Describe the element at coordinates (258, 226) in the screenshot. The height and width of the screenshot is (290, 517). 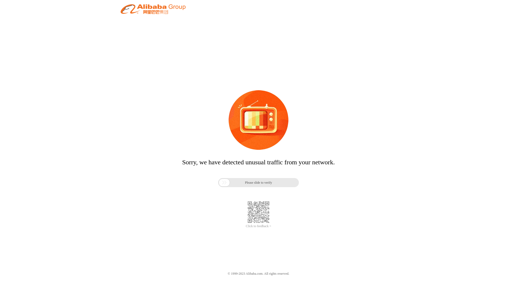
I see `'Click to feedback >'` at that location.